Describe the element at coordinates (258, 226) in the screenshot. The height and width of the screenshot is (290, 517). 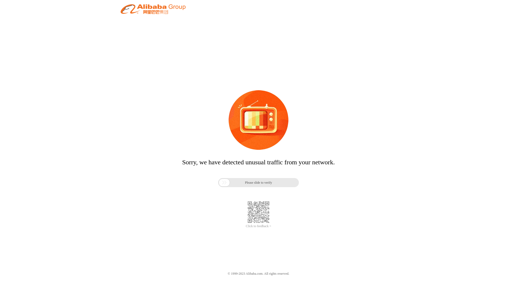
I see `'Click to feedback >'` at that location.